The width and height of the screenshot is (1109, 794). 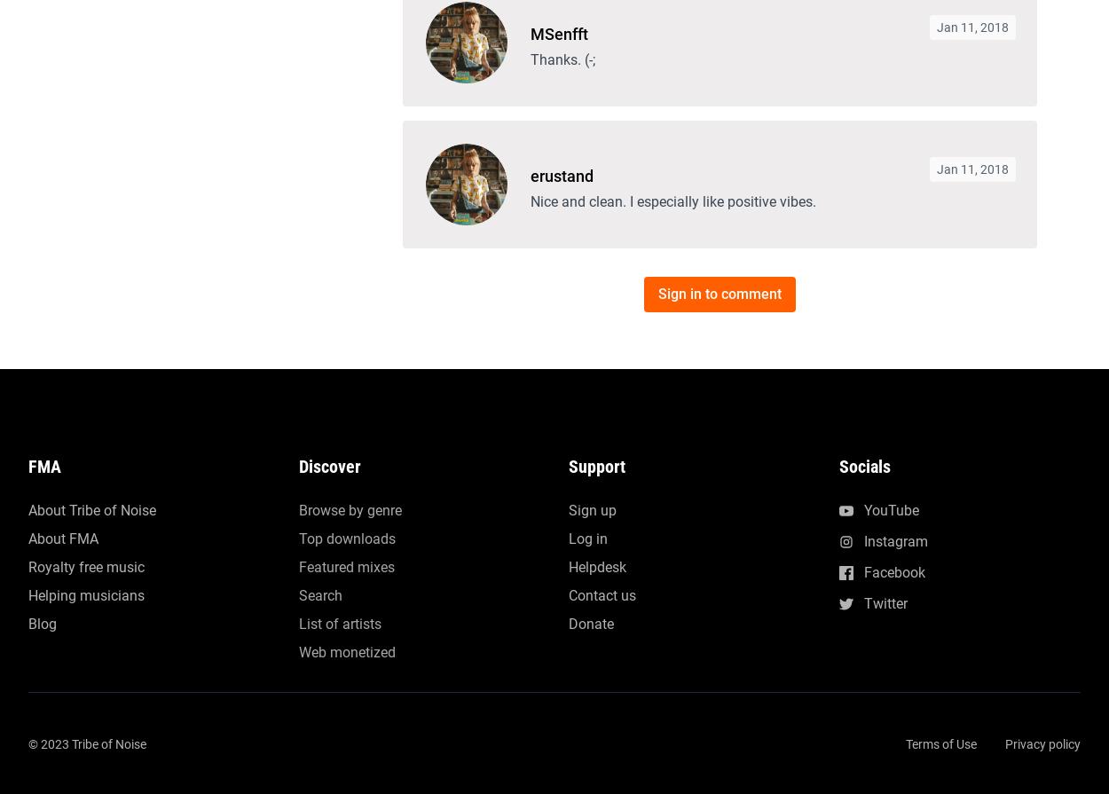 What do you see at coordinates (591, 59) in the screenshot?
I see `'Donate'` at bounding box center [591, 59].